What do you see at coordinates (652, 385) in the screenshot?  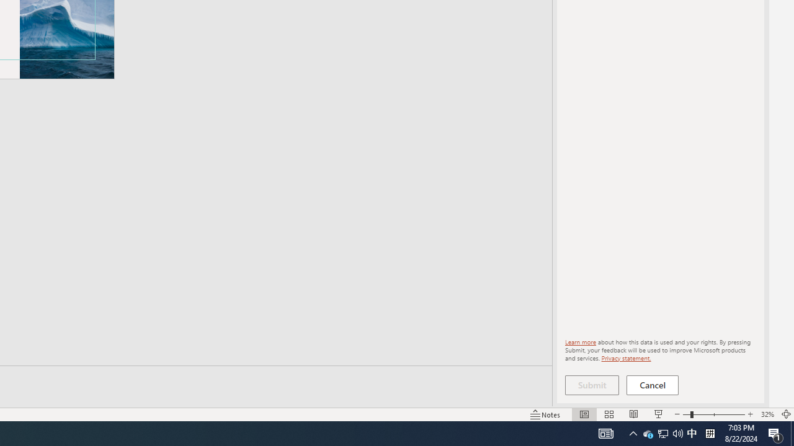 I see `'Cancel'` at bounding box center [652, 385].